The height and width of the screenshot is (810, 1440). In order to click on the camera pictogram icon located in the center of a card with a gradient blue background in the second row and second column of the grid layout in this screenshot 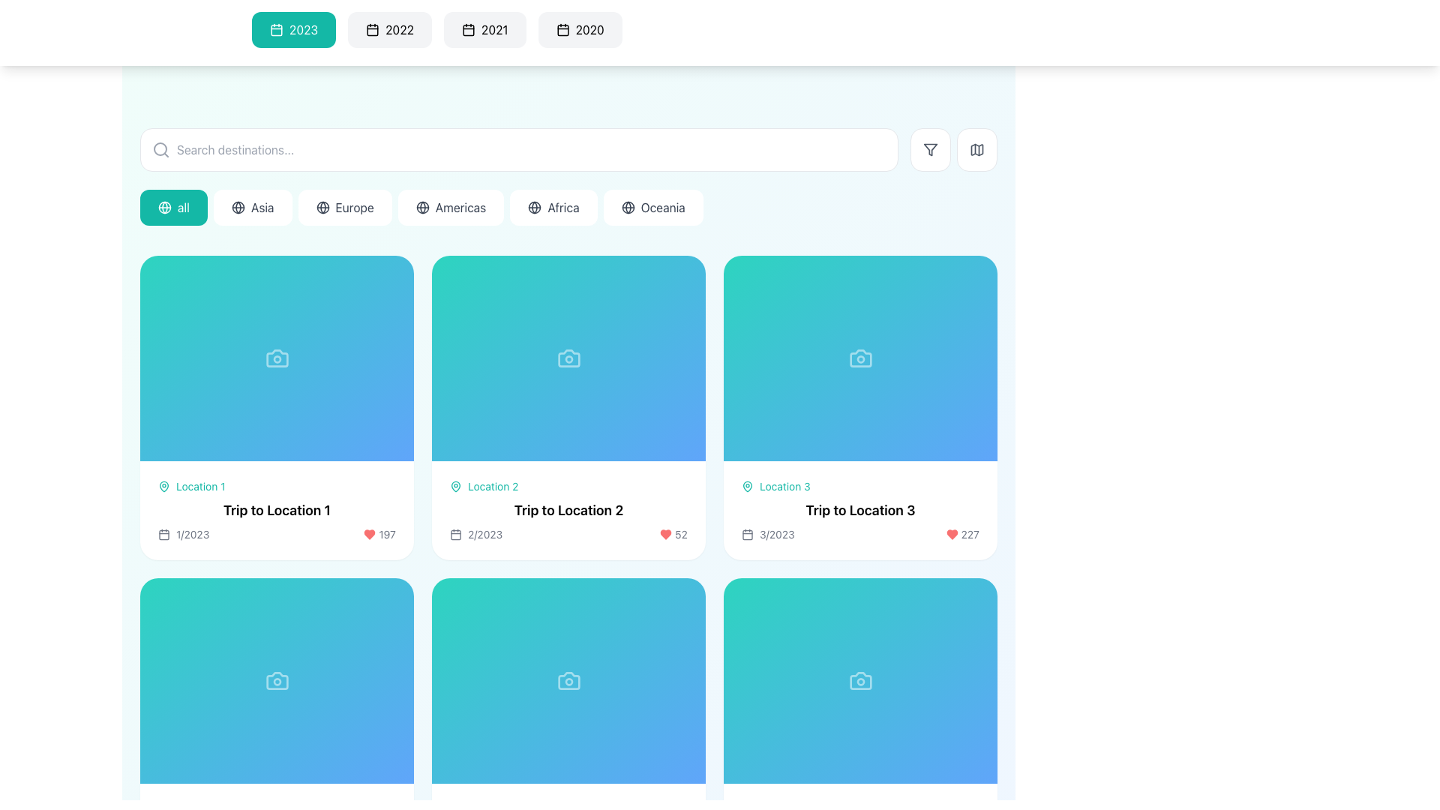, I will do `click(568, 680)`.